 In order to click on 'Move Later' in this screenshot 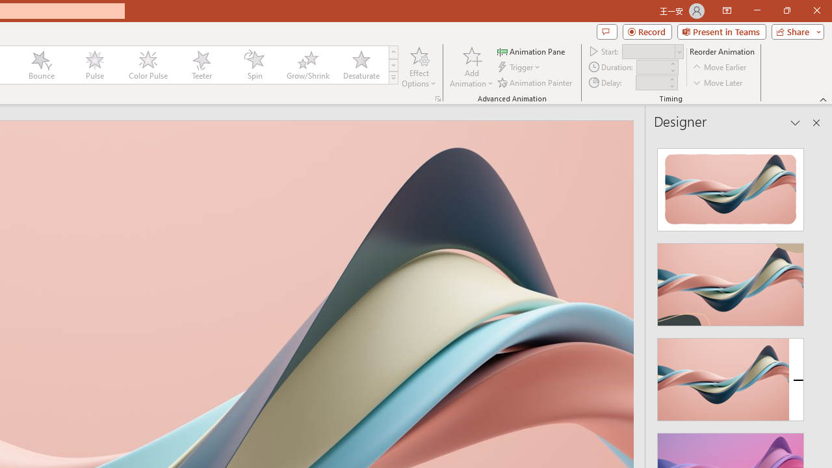, I will do `click(718, 83)`.